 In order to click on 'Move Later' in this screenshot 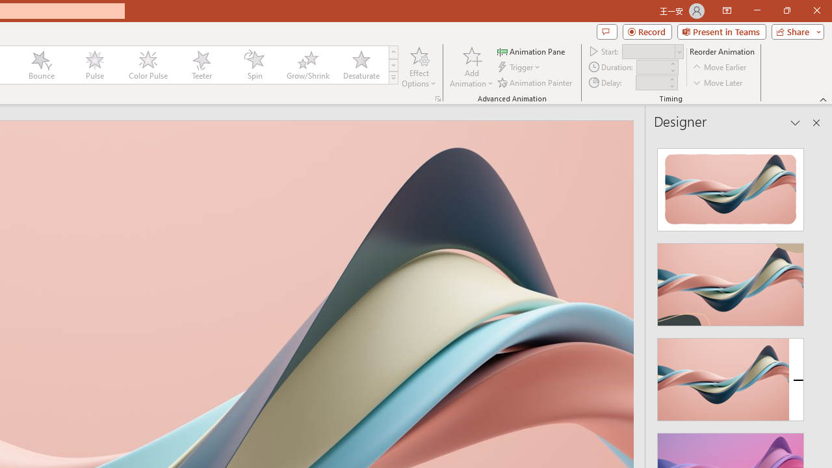, I will do `click(718, 83)`.